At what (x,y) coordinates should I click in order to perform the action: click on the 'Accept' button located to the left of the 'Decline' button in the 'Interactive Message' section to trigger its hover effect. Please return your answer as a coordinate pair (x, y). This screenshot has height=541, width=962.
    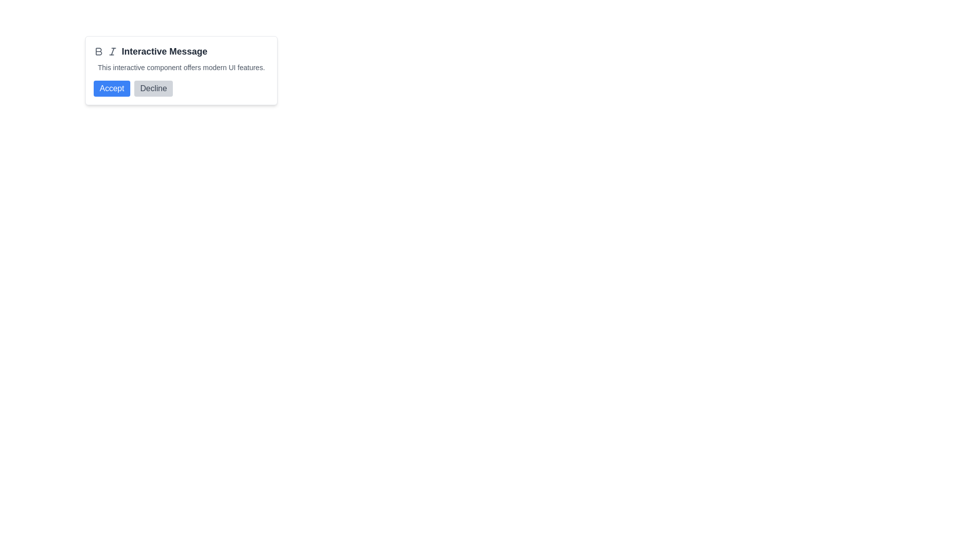
    Looking at the image, I should click on (112, 88).